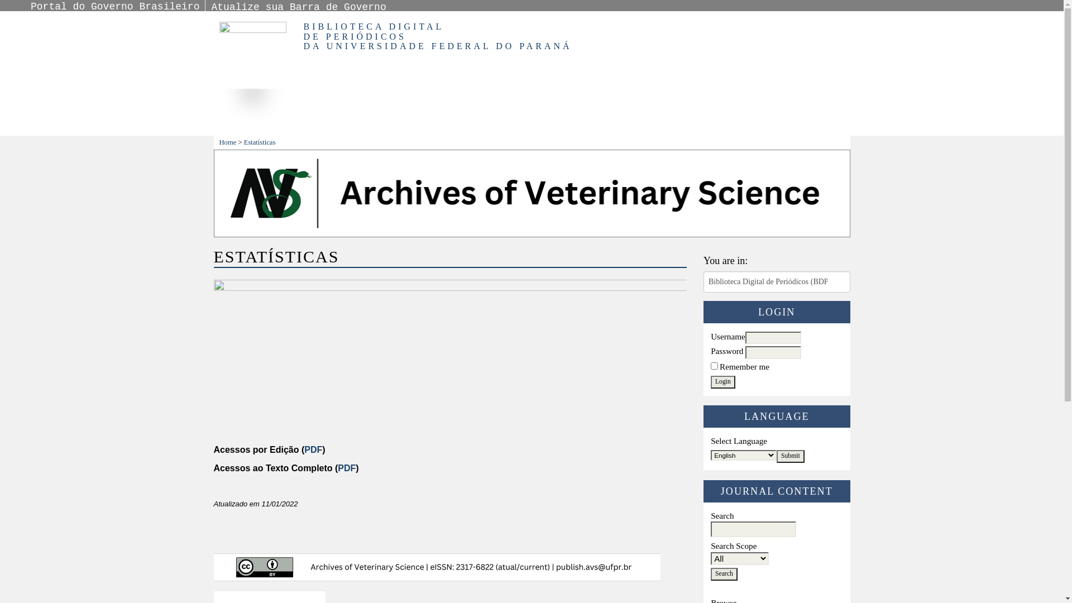  What do you see at coordinates (724, 574) in the screenshot?
I see `'Search'` at bounding box center [724, 574].